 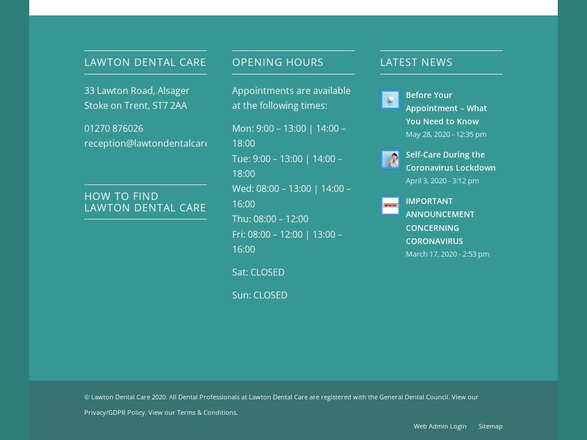 I want to click on 'Self-Care During the Coronavirus Lockdown', so click(x=450, y=160).